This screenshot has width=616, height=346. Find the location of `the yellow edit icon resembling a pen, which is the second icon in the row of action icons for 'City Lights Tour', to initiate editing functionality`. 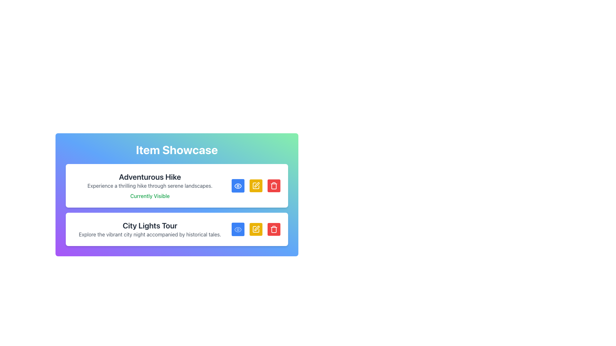

the yellow edit icon resembling a pen, which is the second icon in the row of action icons for 'City Lights Tour', to initiate editing functionality is located at coordinates (255, 229).